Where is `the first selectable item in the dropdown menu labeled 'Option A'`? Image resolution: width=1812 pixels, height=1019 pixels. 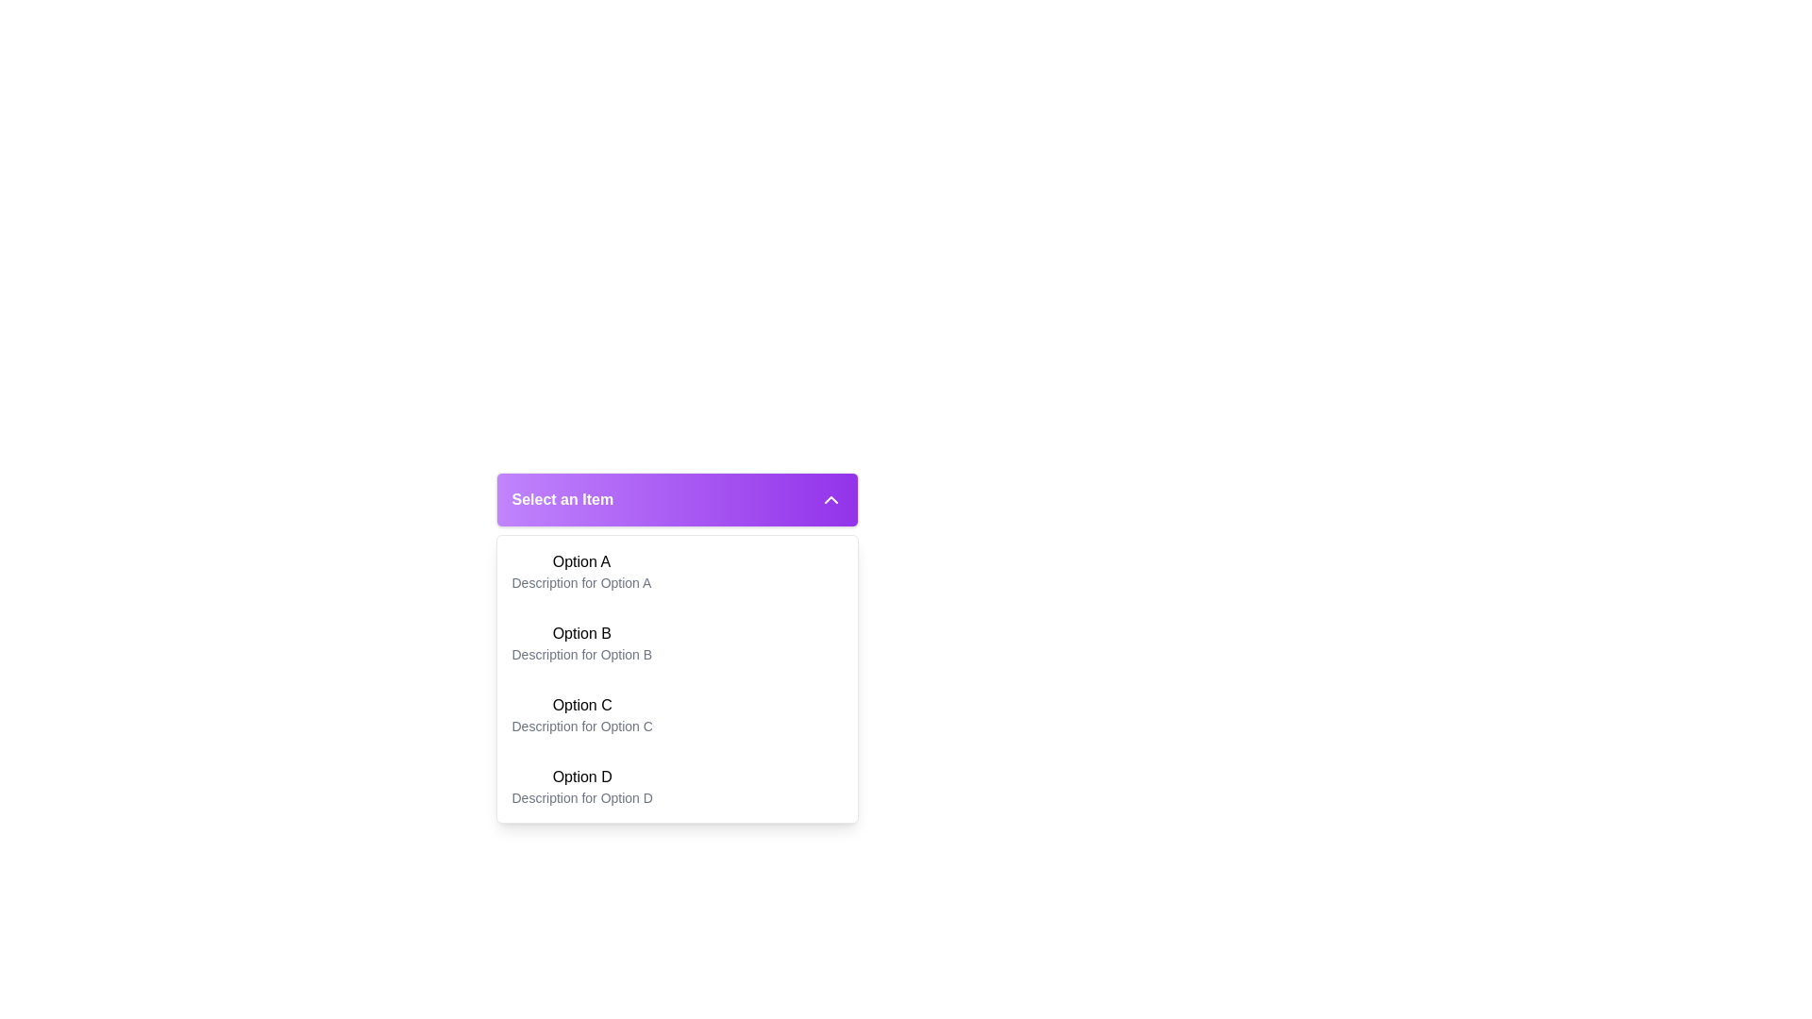 the first selectable item in the dropdown menu labeled 'Option A' is located at coordinates (579, 570).